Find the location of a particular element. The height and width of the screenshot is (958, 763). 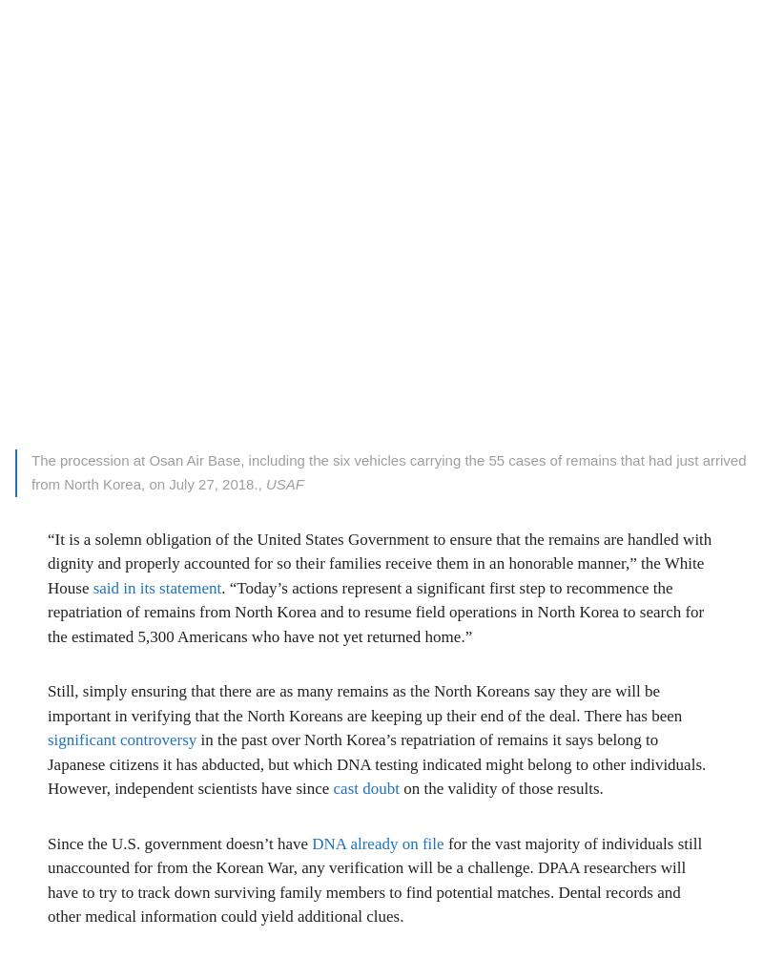

'on the validity of those results.' is located at coordinates (399, 788).